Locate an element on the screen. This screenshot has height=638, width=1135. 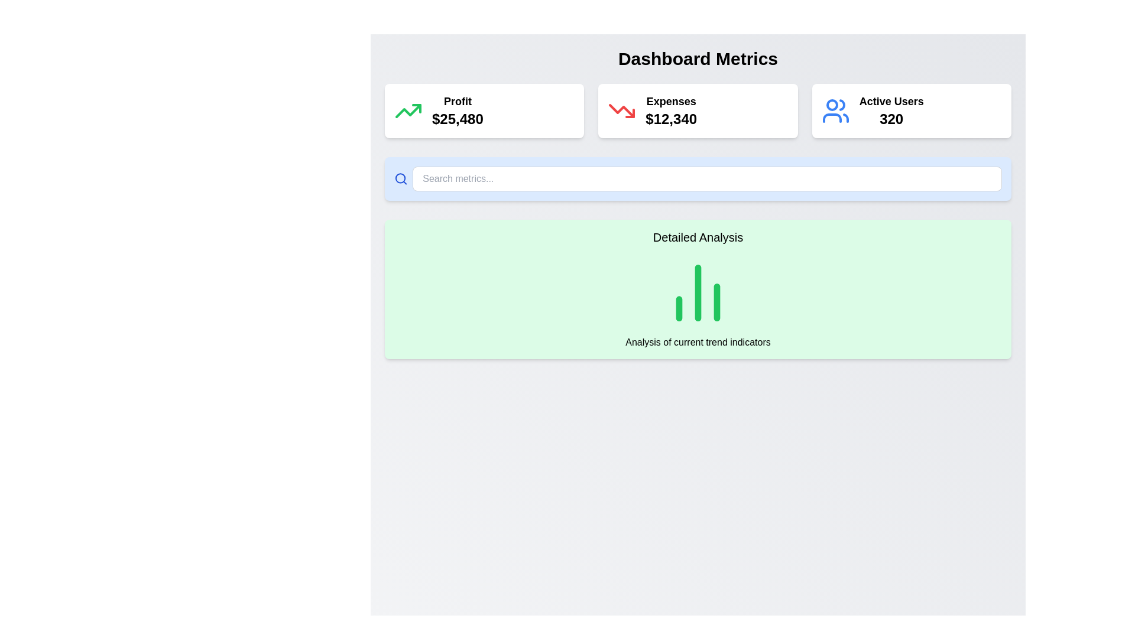
contents of the Information display card that summarizes expenses, which is located in the second column of a three-column layout between the 'Profit' card and 'Active Users' card is located at coordinates (698, 111).